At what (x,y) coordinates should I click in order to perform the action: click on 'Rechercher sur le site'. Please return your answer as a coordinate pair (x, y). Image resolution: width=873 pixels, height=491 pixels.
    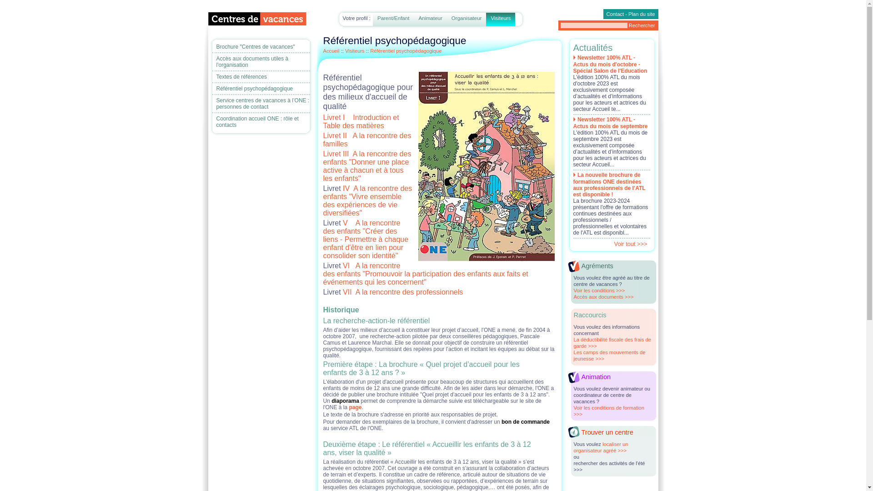
    Looking at the image, I should click on (608, 25).